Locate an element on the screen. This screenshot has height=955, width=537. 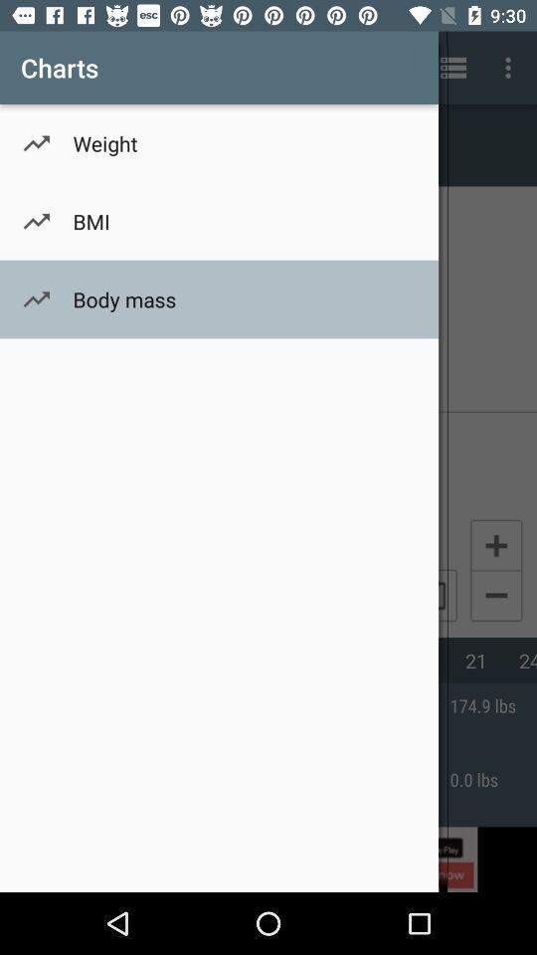
the minus icon is located at coordinates (495, 597).